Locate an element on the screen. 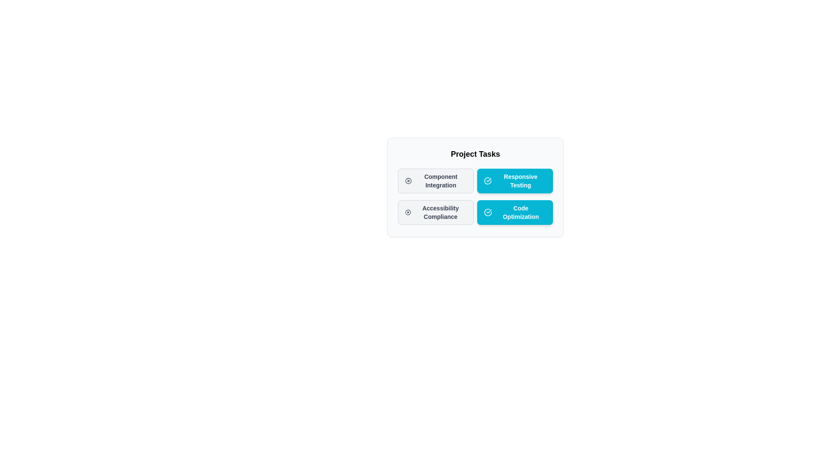 The width and height of the screenshot is (818, 460). the chip labeled 'Code Optimization' to select it is located at coordinates (515, 212).